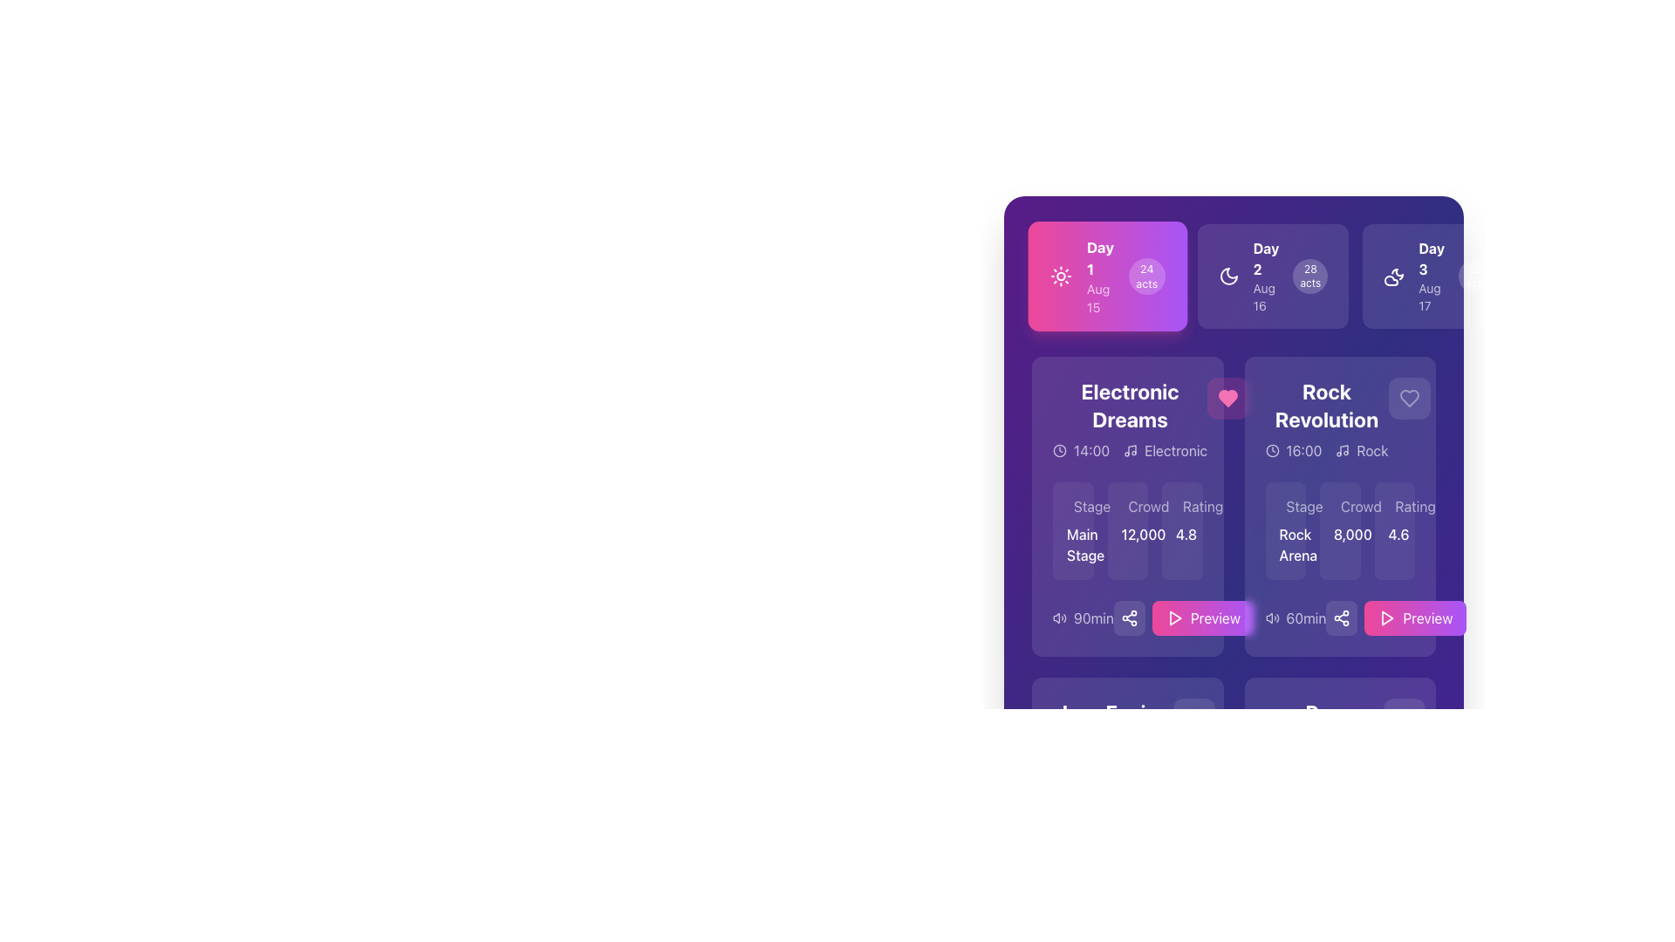  I want to click on the decorative circular shape that forms part of the SVG clock icon in the 'Rock Revolution' section, which is centered within the clock's outline, so click(1272, 449).